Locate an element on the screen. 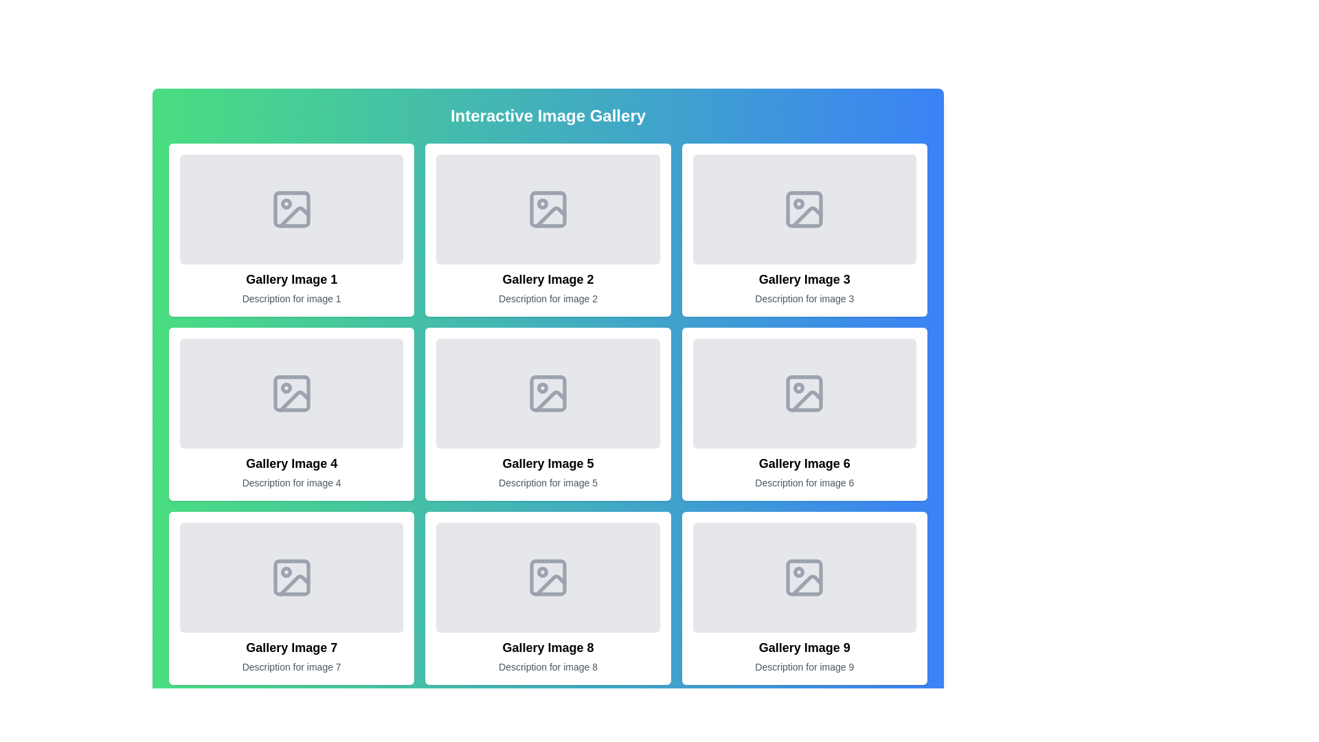 This screenshot has width=1319, height=742. the static text label that serves as a caption for 'Gallery Image 4', located in the fourth item of the grid-style gallery layout, positioned in the second row and first column, directly below the image description is located at coordinates (291, 482).